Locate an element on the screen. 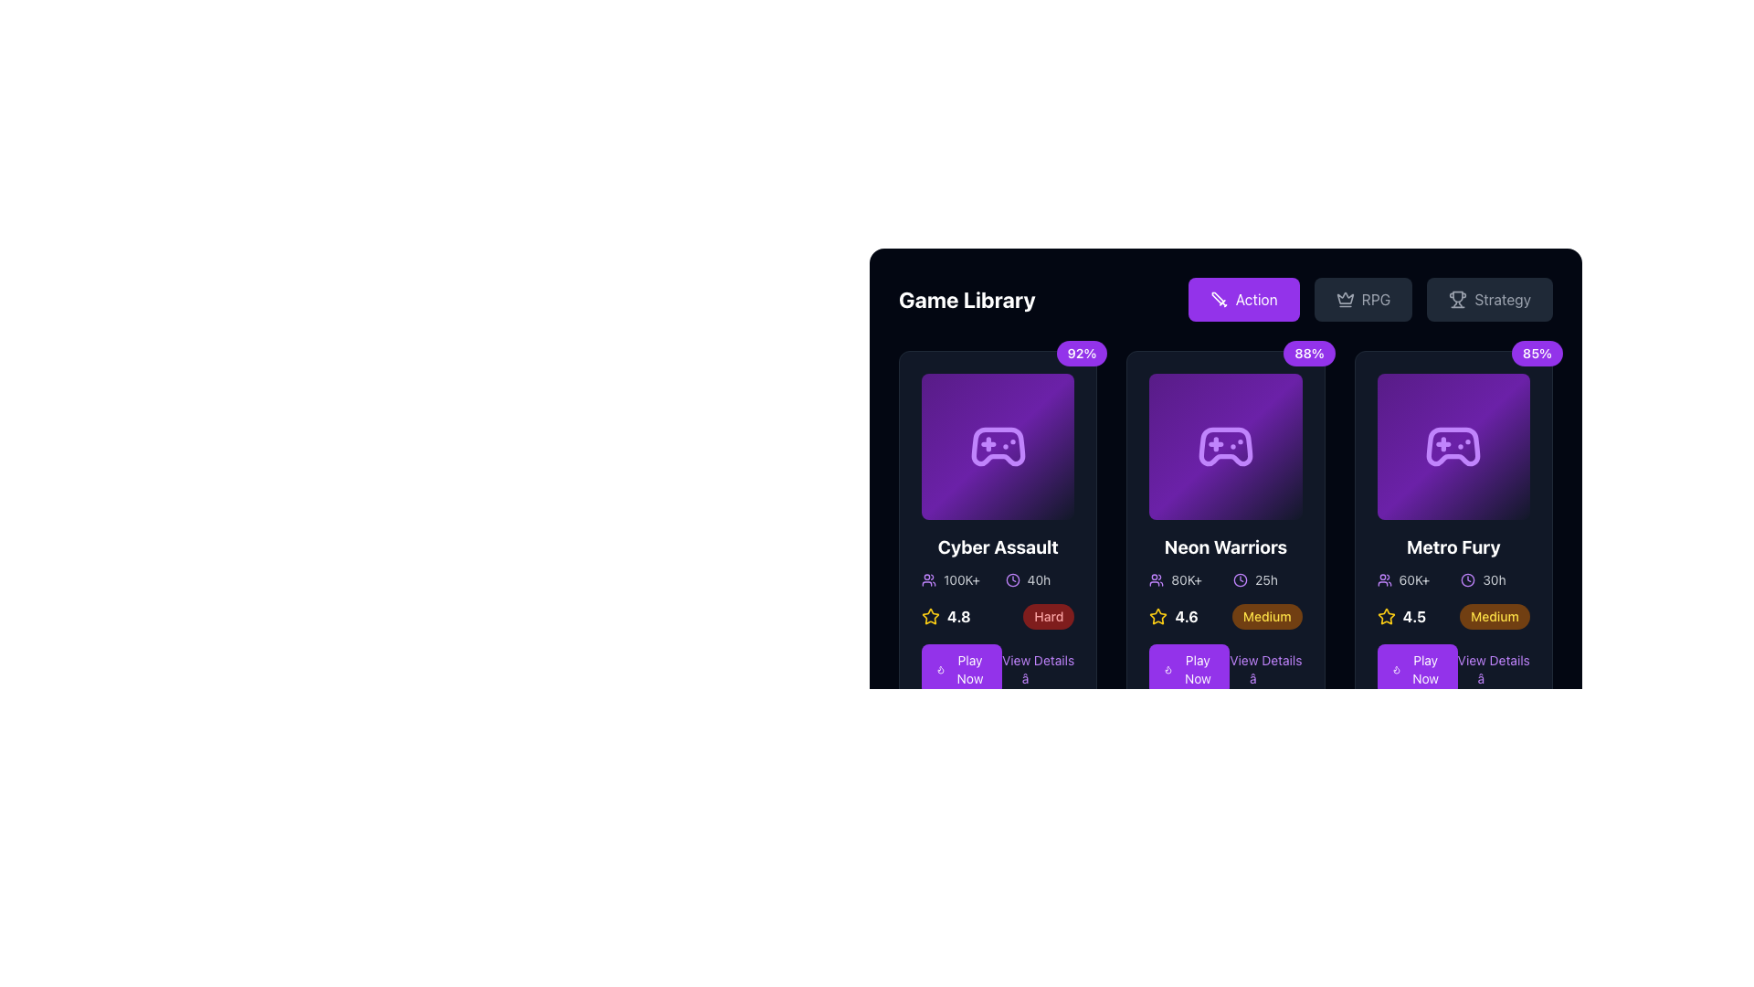 This screenshot has height=987, width=1754. the Badge displaying the percentage value located at the top-right corner of the 'Cyber Assault' card in the game library interface is located at coordinates (1082, 353).